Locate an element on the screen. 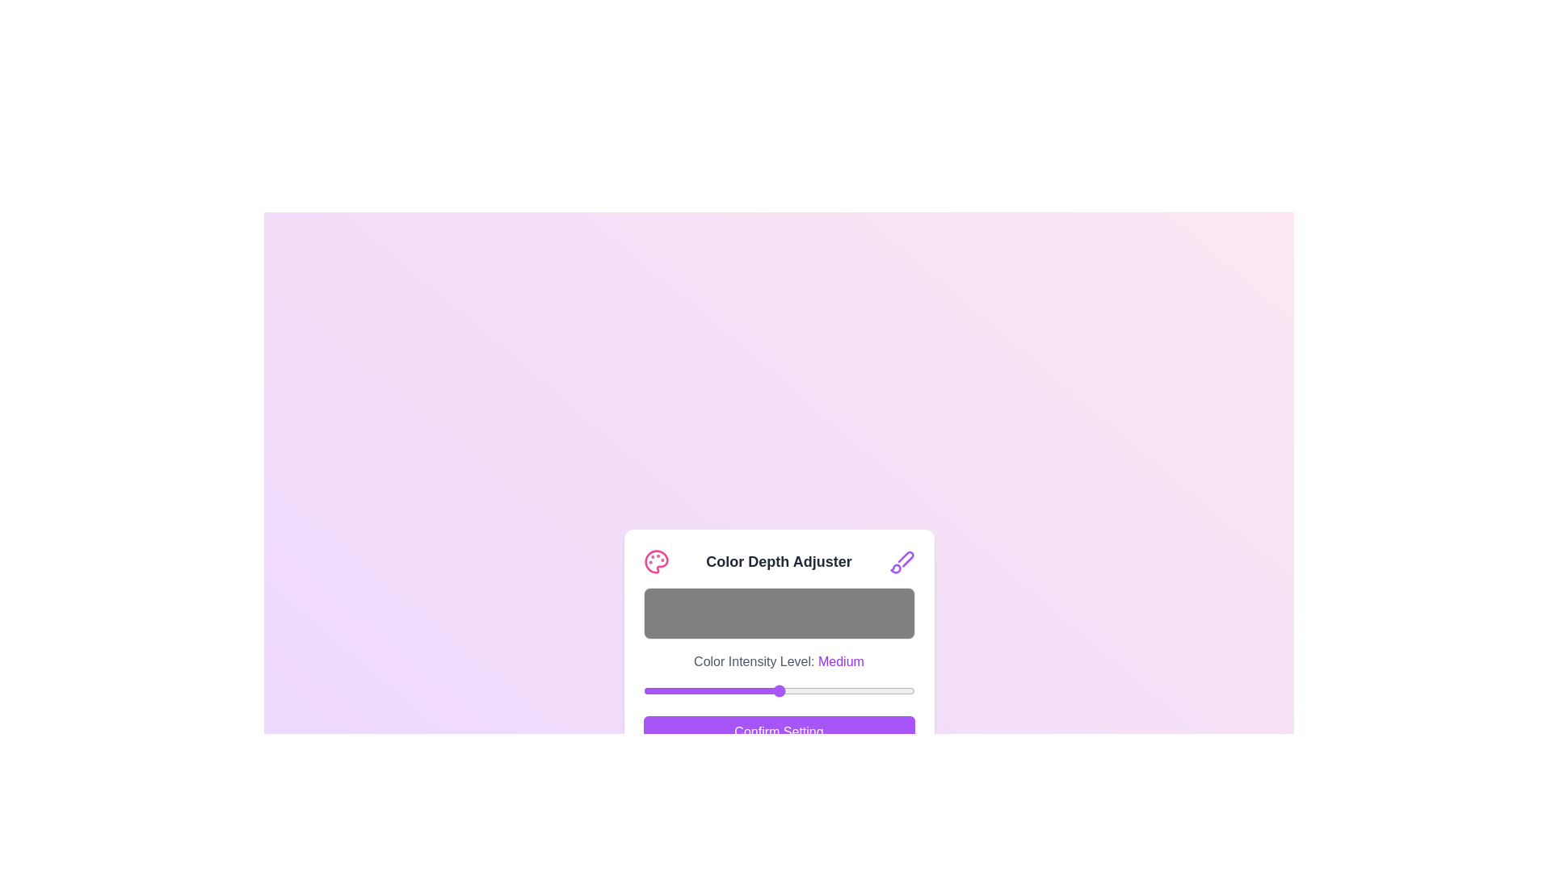  the color intensity slider to 231 where 231 is a value between 0 and 255 is located at coordinates (888, 690).